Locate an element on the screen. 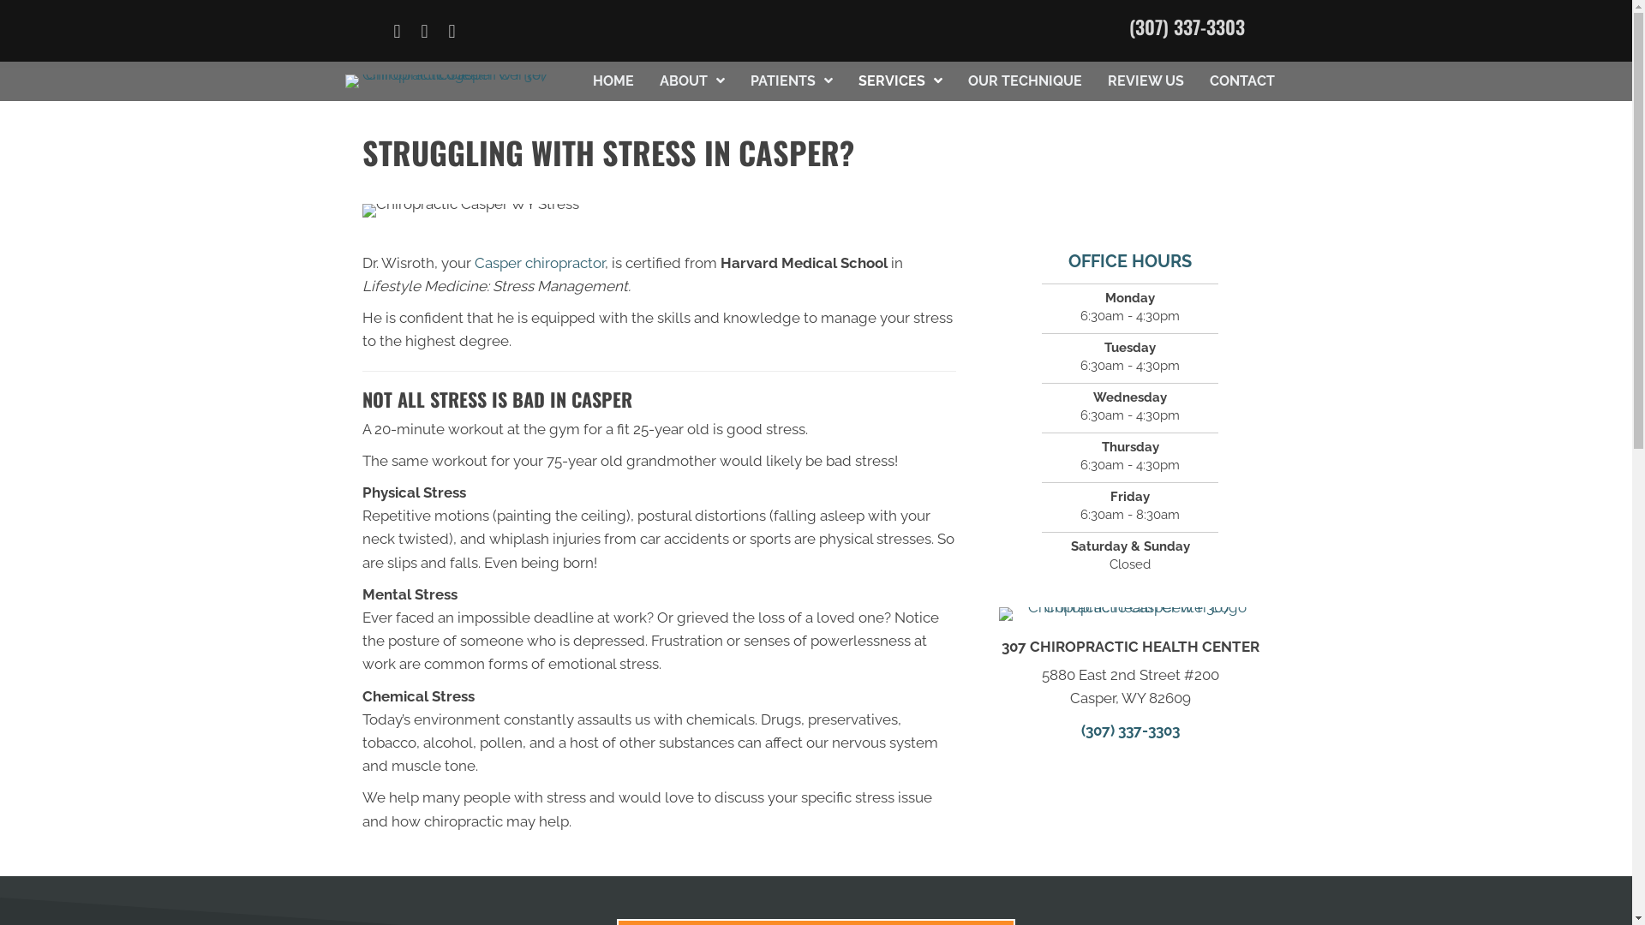  'REVIEW US' is located at coordinates (1145, 81).